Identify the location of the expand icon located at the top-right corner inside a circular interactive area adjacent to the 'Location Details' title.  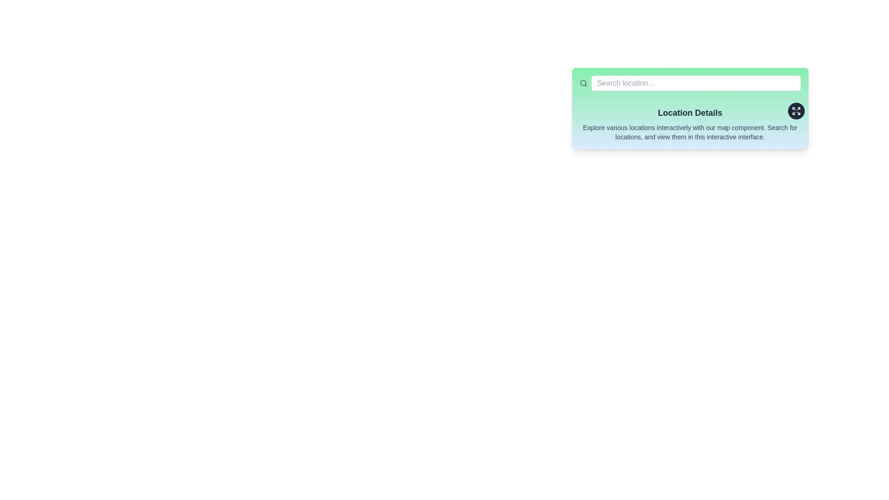
(795, 110).